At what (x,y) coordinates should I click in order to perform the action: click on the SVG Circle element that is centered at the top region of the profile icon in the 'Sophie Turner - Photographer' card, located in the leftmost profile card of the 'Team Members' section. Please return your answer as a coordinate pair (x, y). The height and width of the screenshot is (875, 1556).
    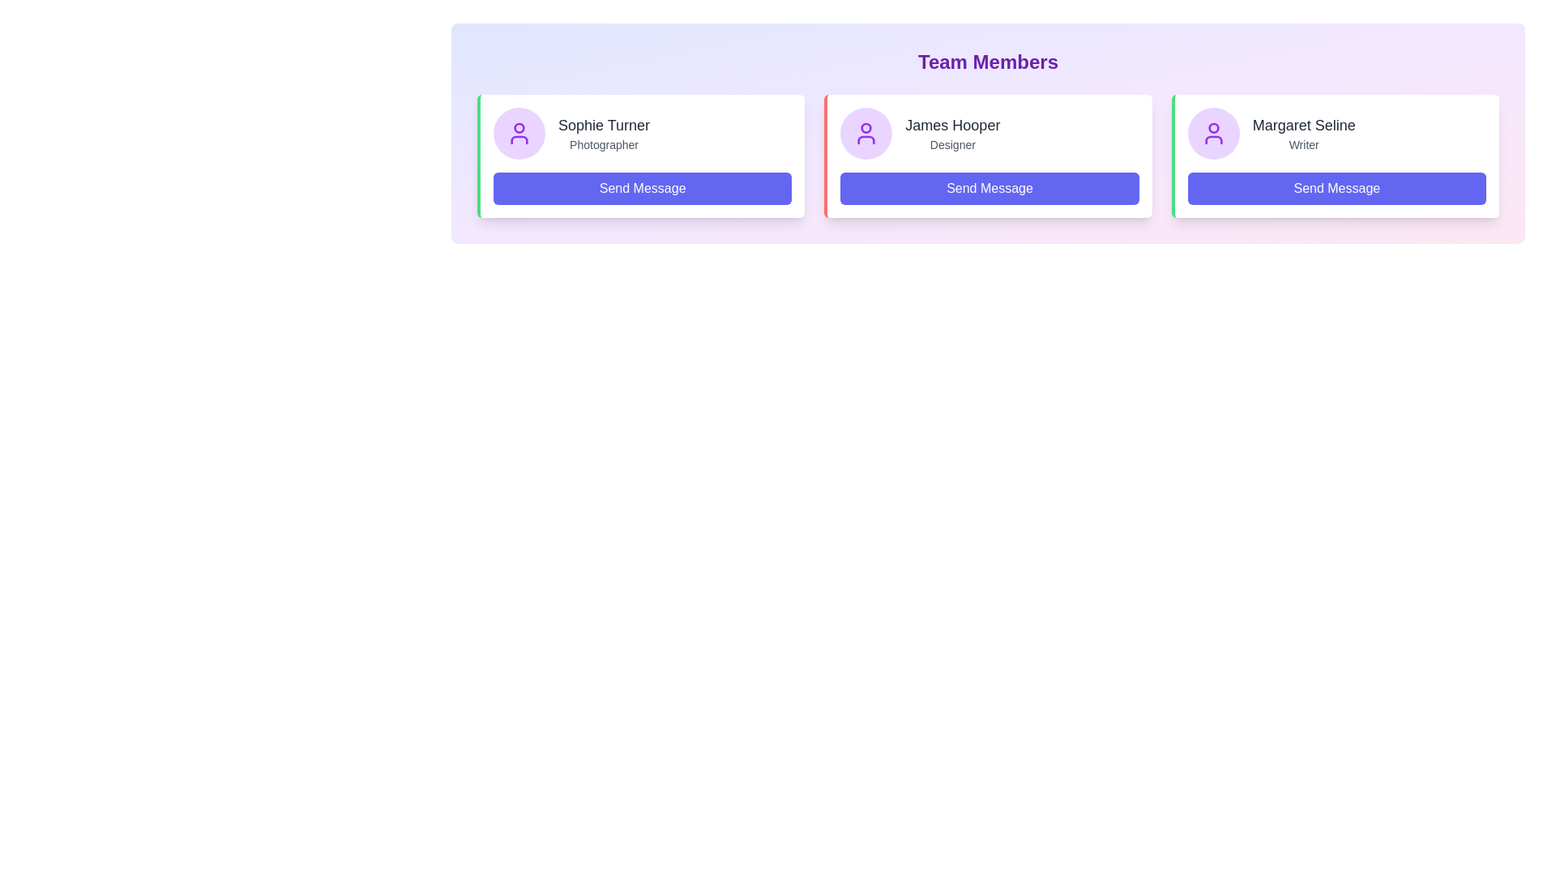
    Looking at the image, I should click on (519, 127).